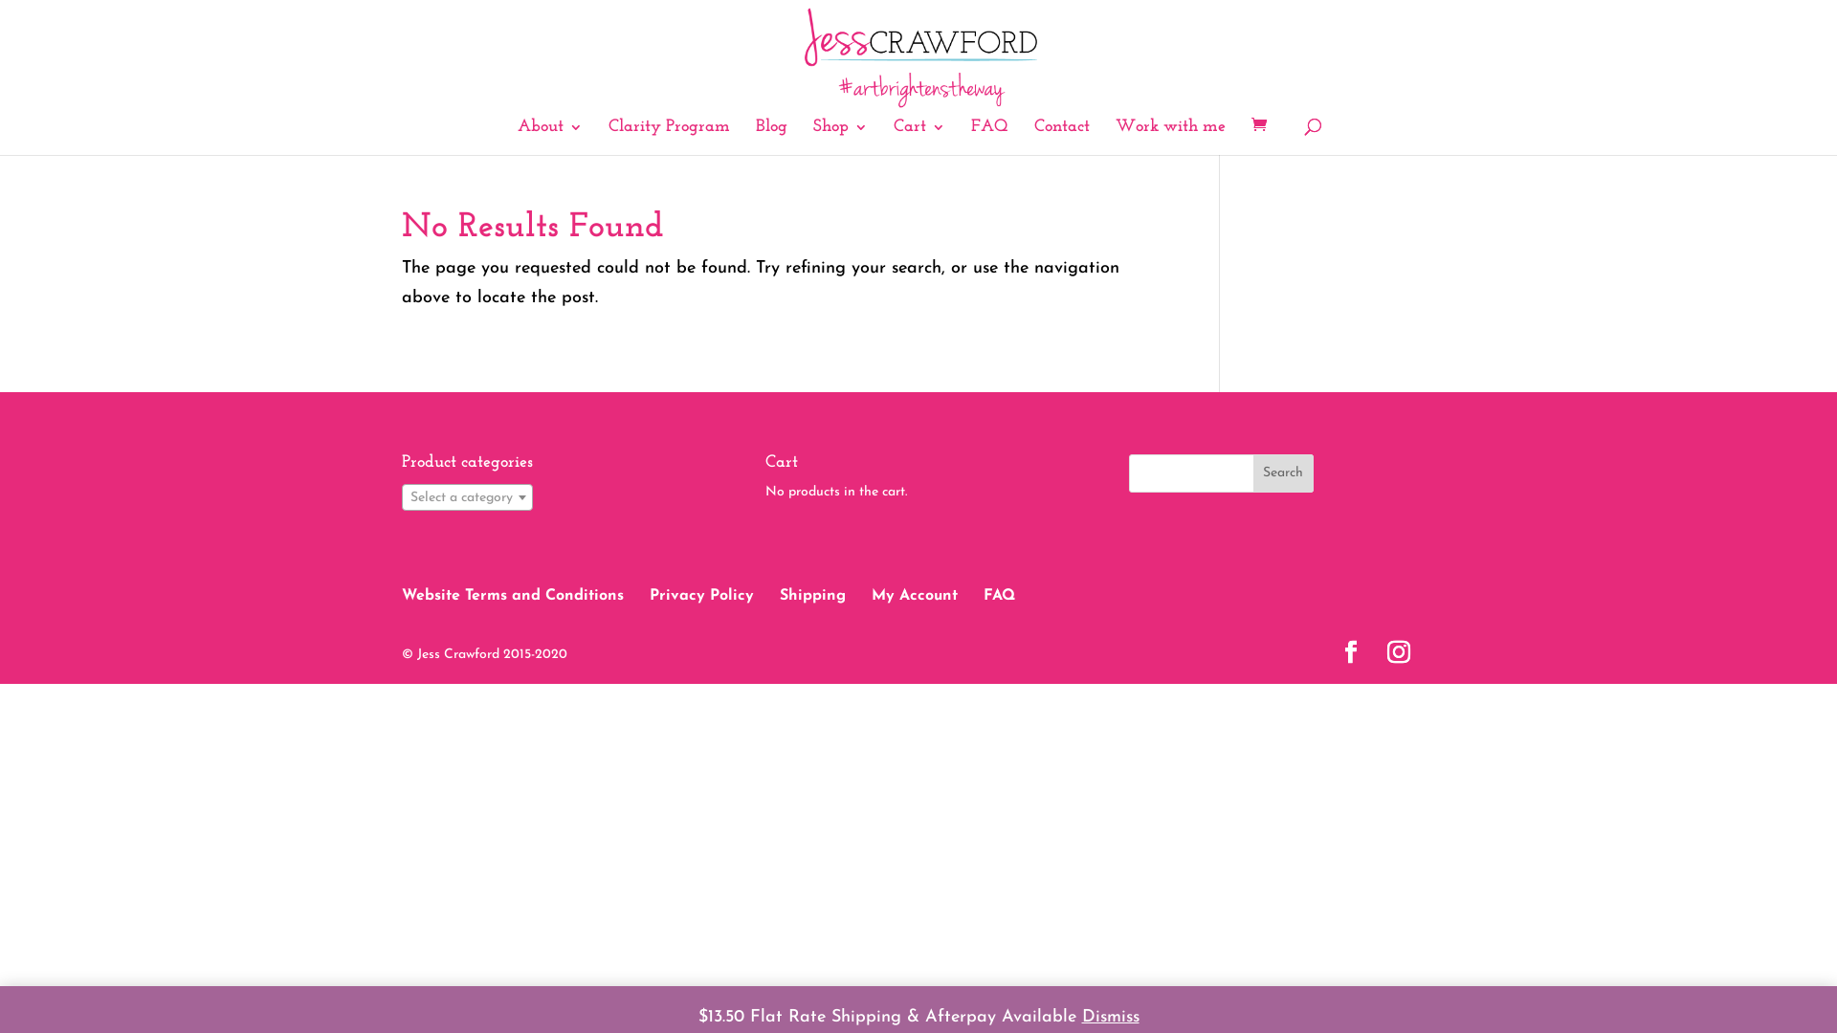  Describe the element at coordinates (970, 136) in the screenshot. I see `'FAQ'` at that location.